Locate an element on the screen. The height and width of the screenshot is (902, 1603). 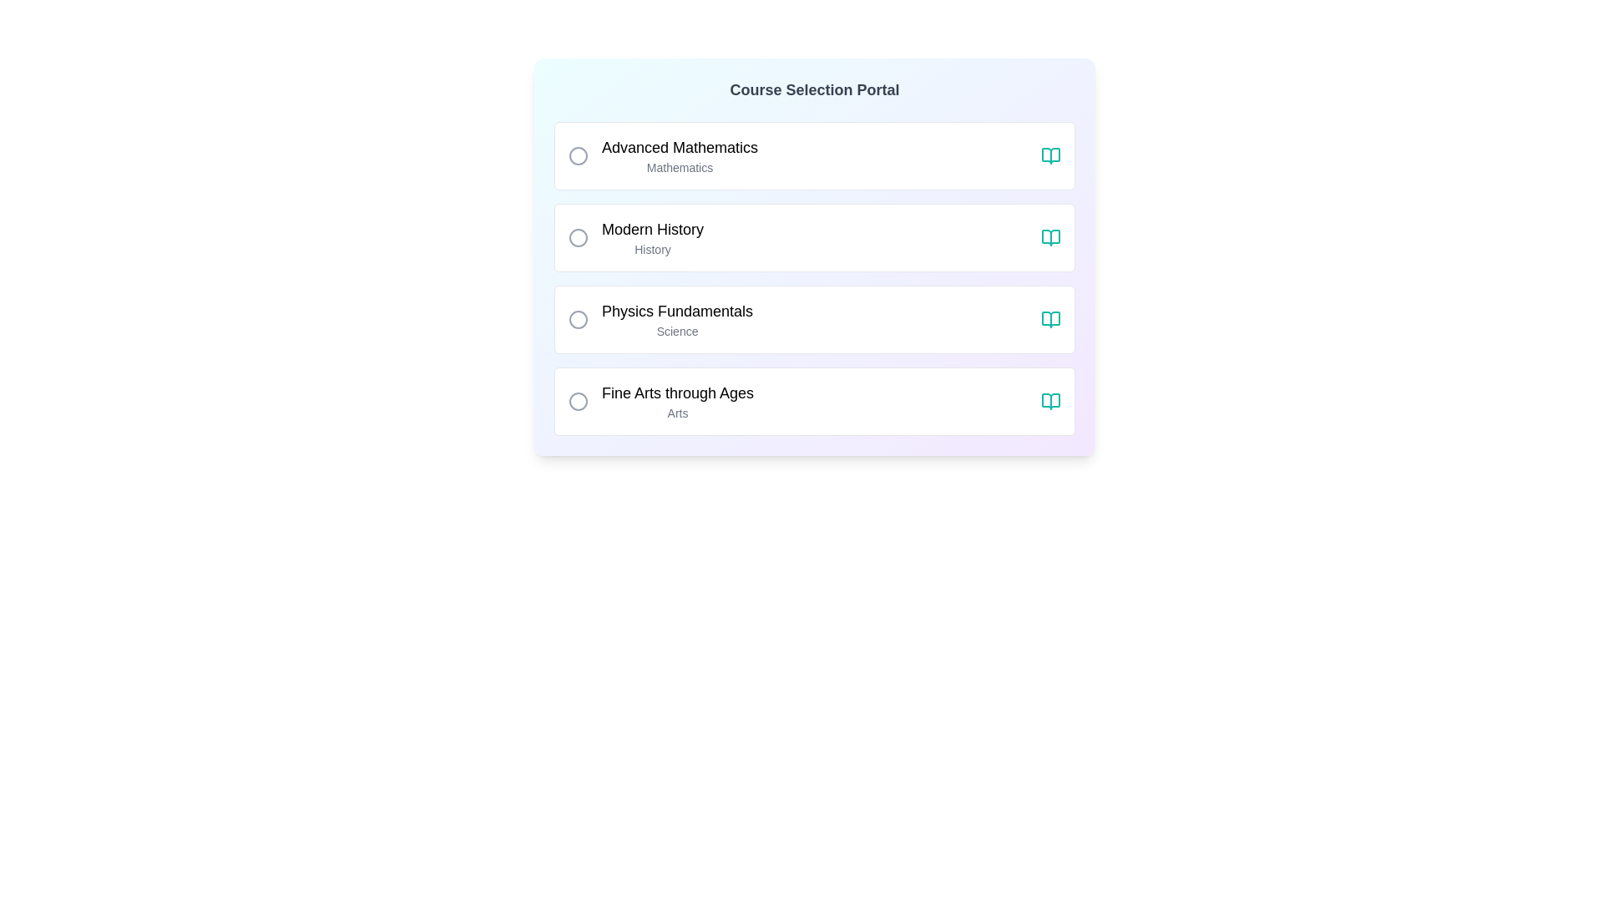
the radio button indicator (circle) located to the left of the 'Advanced Mathematics' text label is located at coordinates (578, 155).